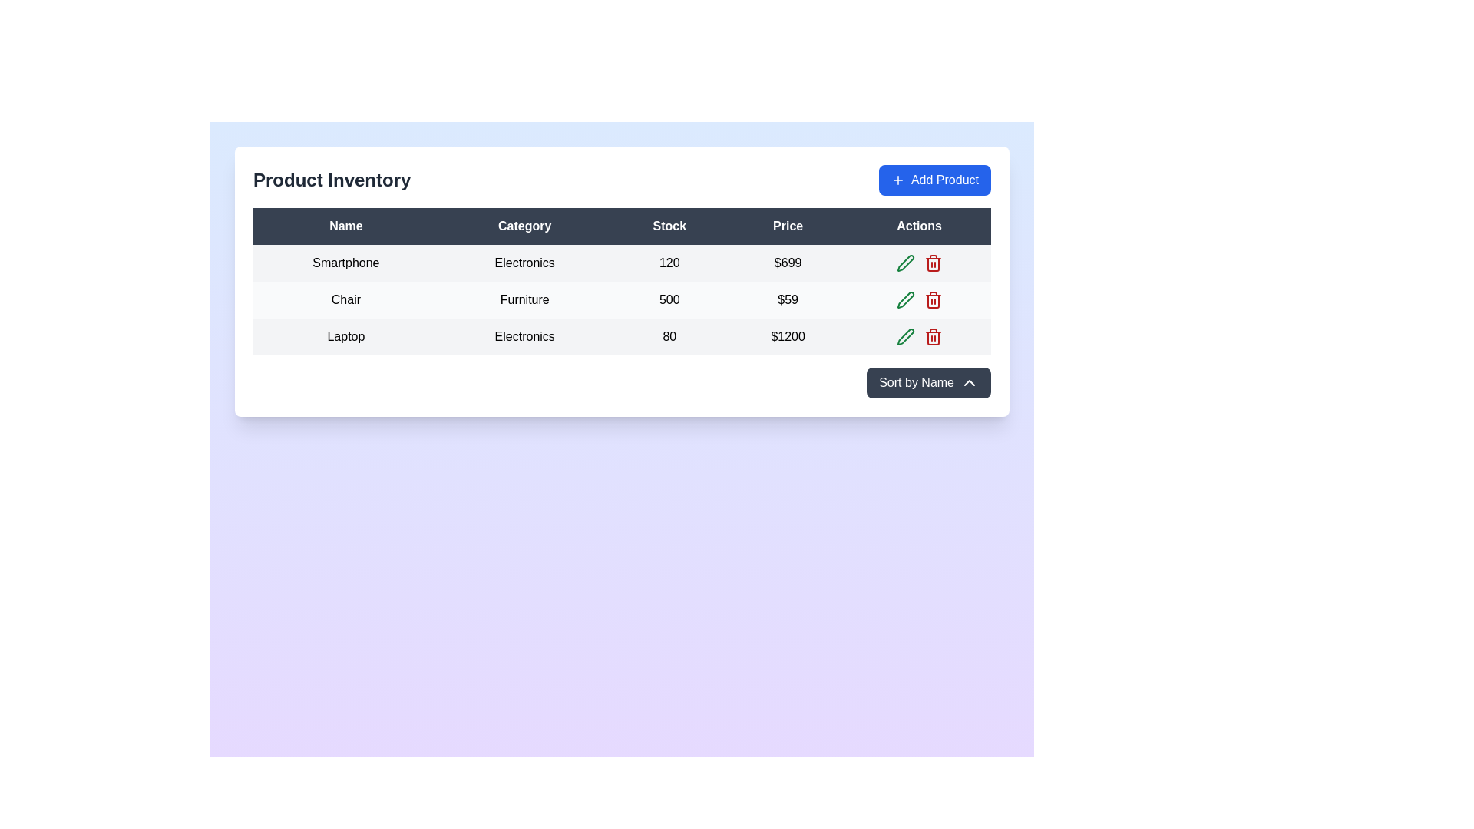 This screenshot has width=1474, height=829. I want to click on the text label displaying 'Product Inventory', which is a prominent heading in dark gray color and positioned above the inventory items table, so click(331, 180).